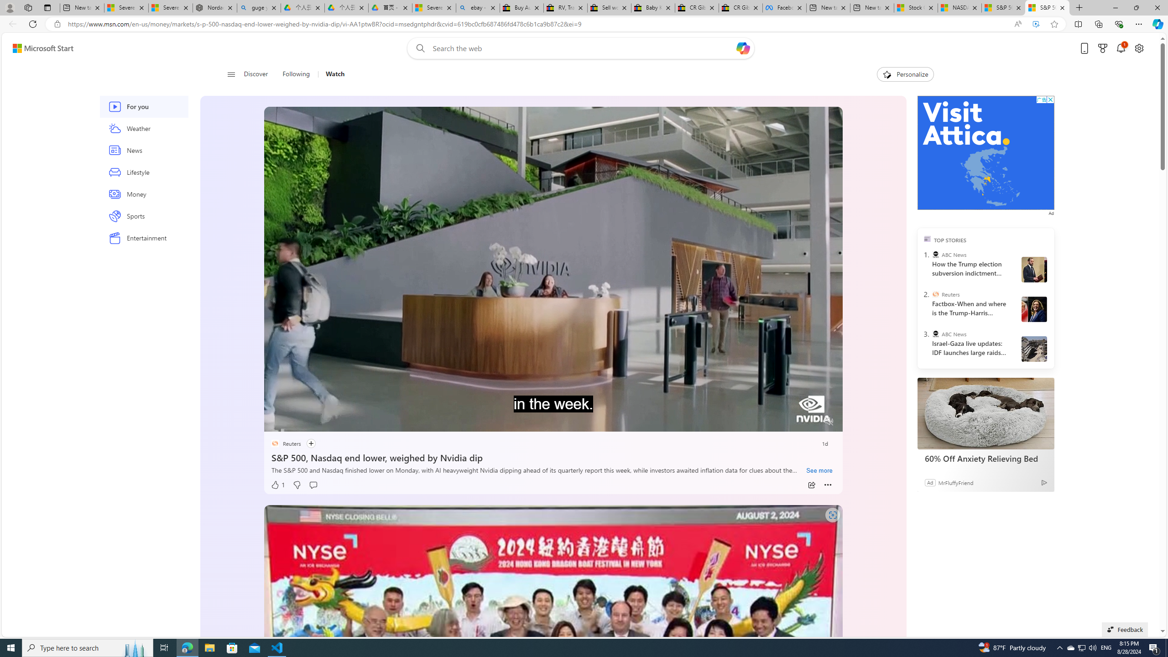 This screenshot has width=1168, height=657. I want to click on 'Enter your search term', so click(582, 47).